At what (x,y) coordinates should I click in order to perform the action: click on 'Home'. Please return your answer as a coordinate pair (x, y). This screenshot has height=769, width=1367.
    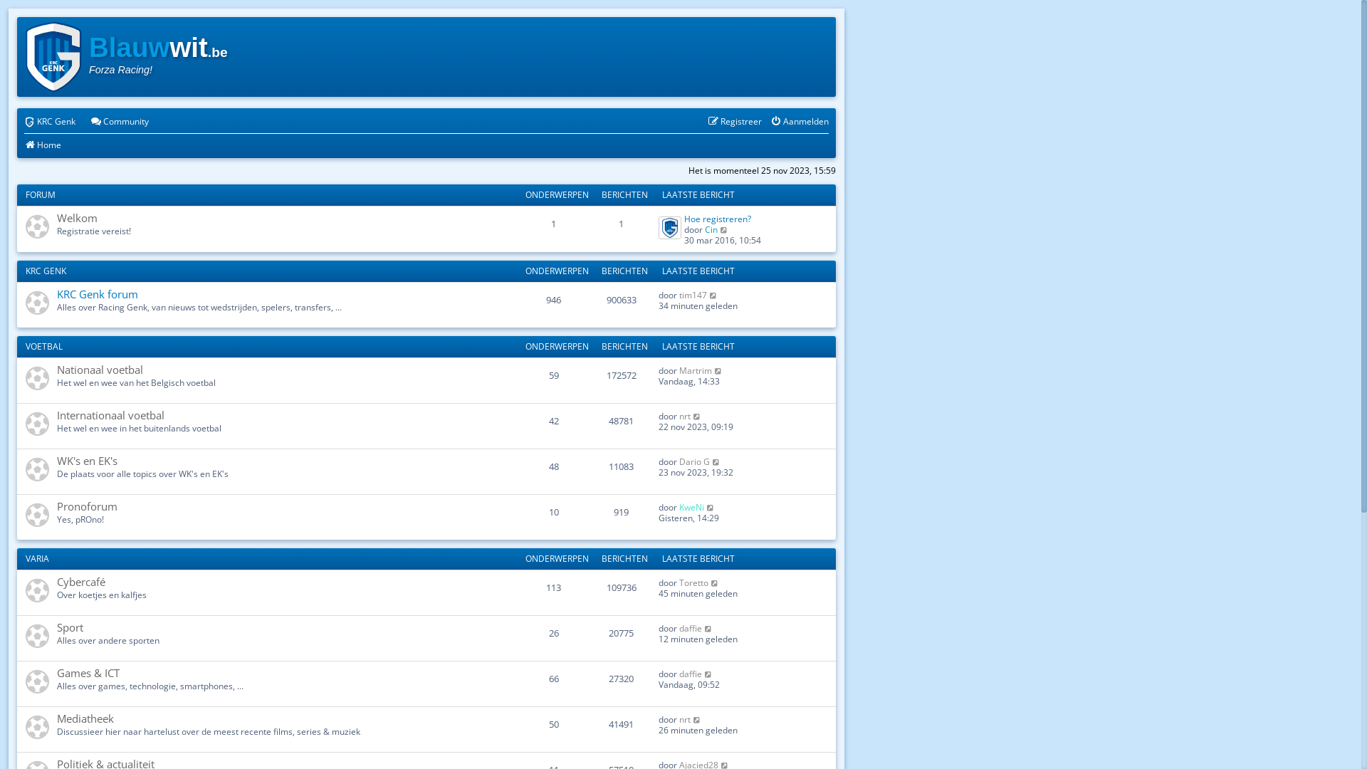
    Looking at the image, I should click on (23, 145).